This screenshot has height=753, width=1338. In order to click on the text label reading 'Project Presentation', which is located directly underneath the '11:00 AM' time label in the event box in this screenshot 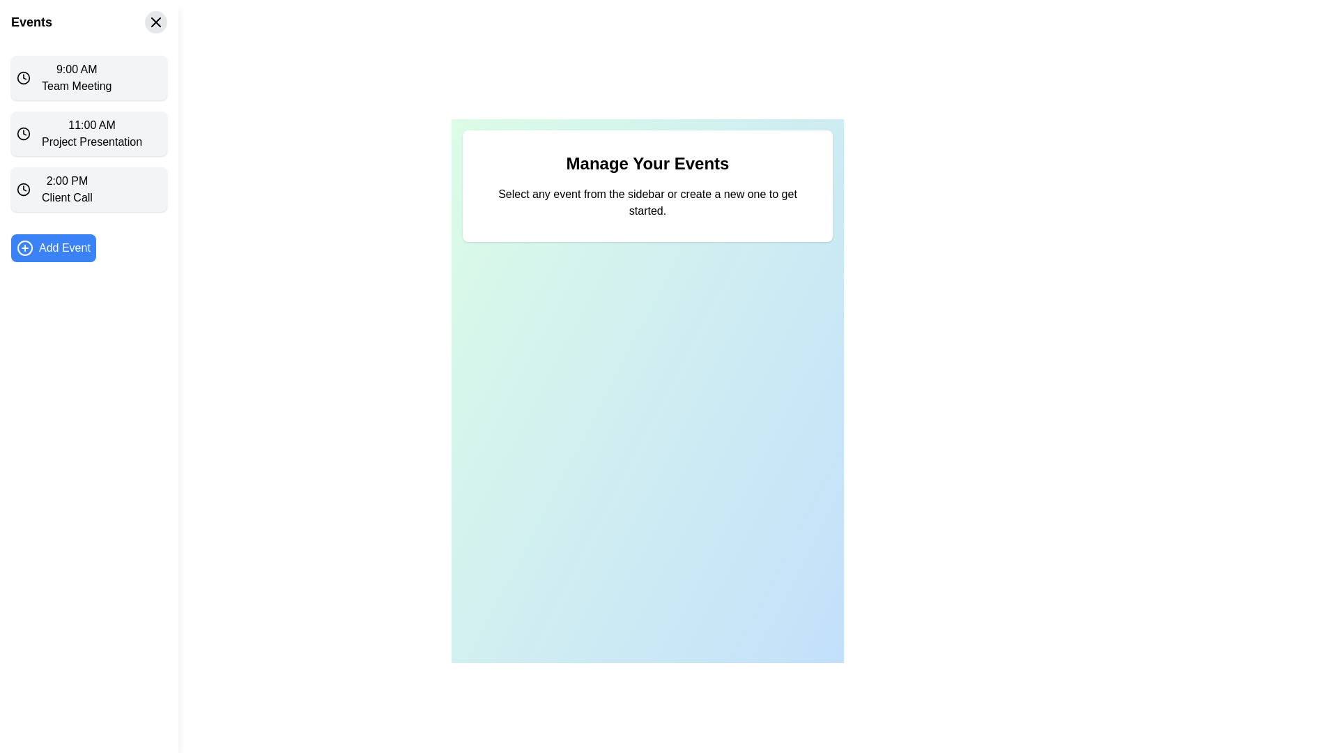, I will do `click(91, 142)`.